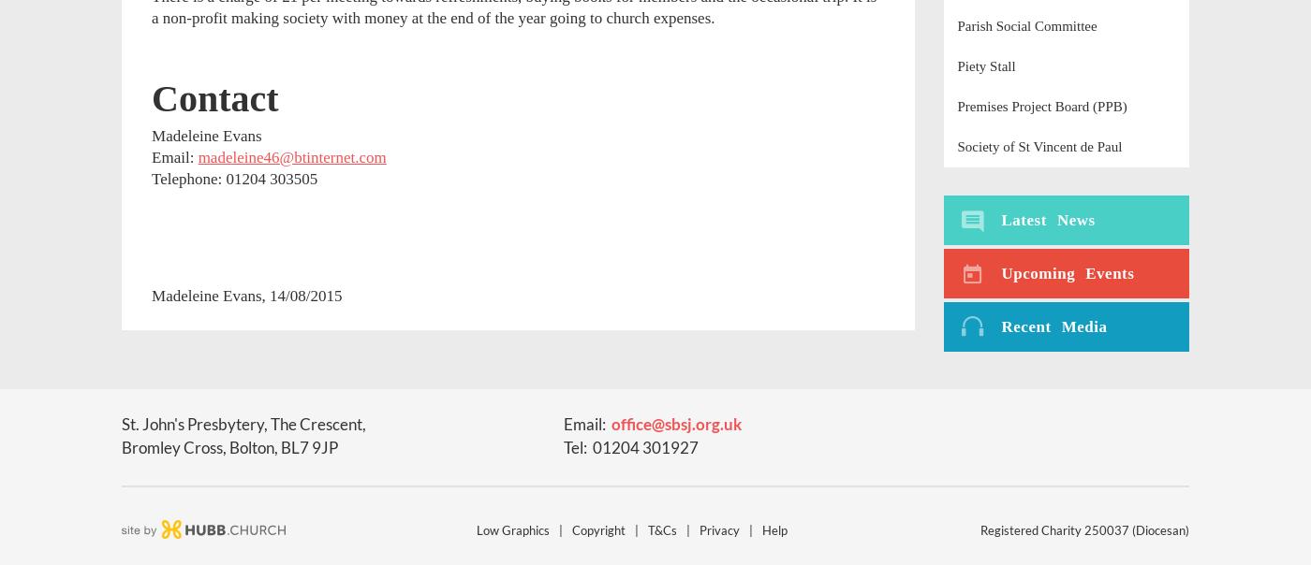  Describe the element at coordinates (708, 424) in the screenshot. I see `'org'` at that location.